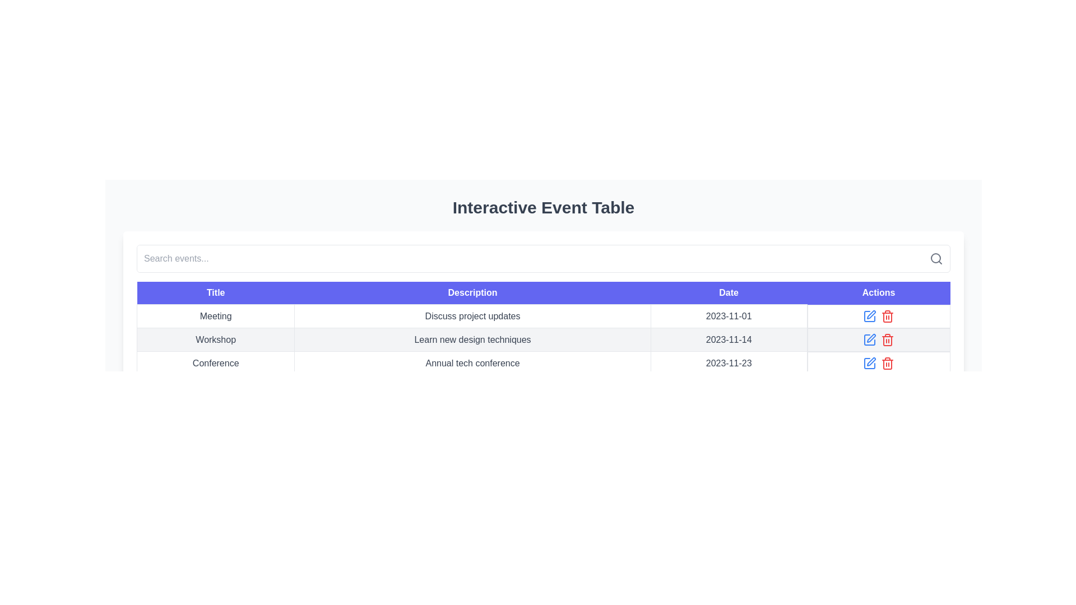  What do you see at coordinates (543, 363) in the screenshot?
I see `the third row of the table, which contains the entries 'Conference', 'Annual tech conference', and '2023-11-23'` at bounding box center [543, 363].